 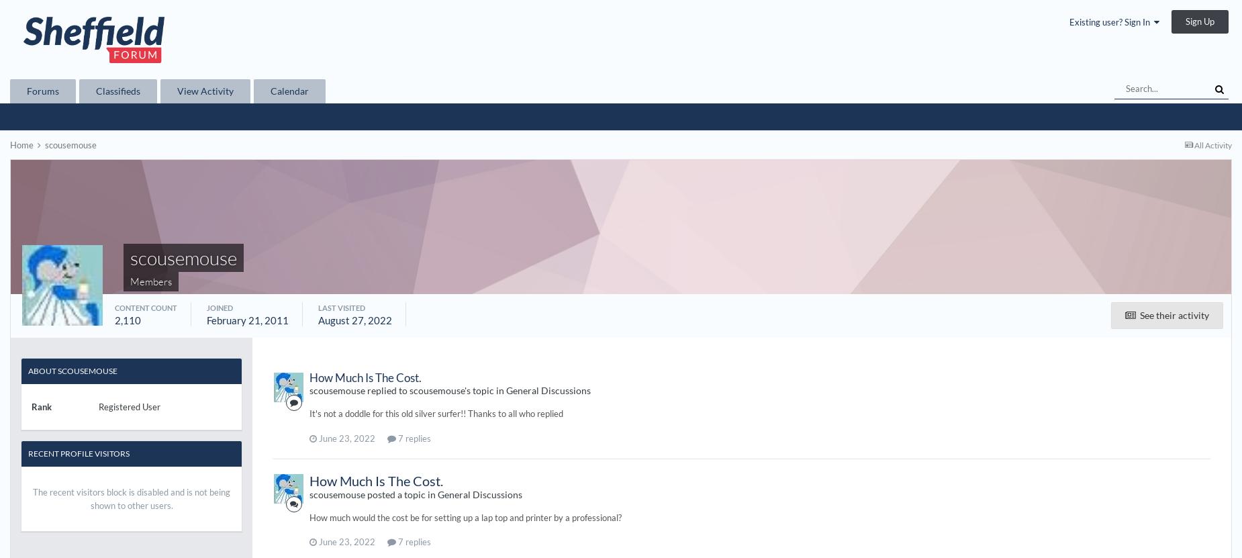 I want to click on 'posted a topic in', so click(x=401, y=493).